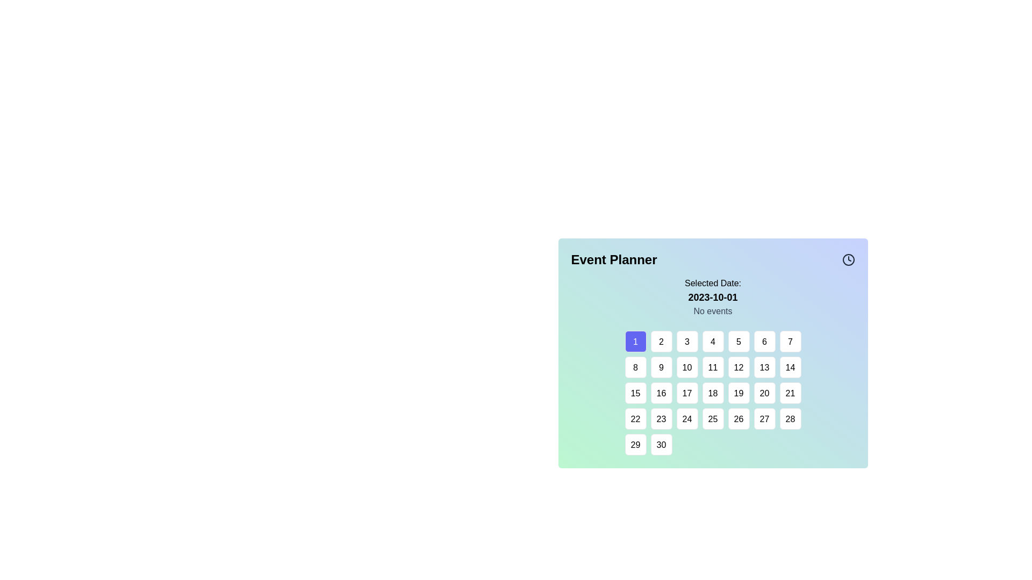 This screenshot has height=580, width=1032. What do you see at coordinates (661, 418) in the screenshot?
I see `the button displaying the number '23' located in the fourth row of a grid under the 'Event Planner' heading` at bounding box center [661, 418].